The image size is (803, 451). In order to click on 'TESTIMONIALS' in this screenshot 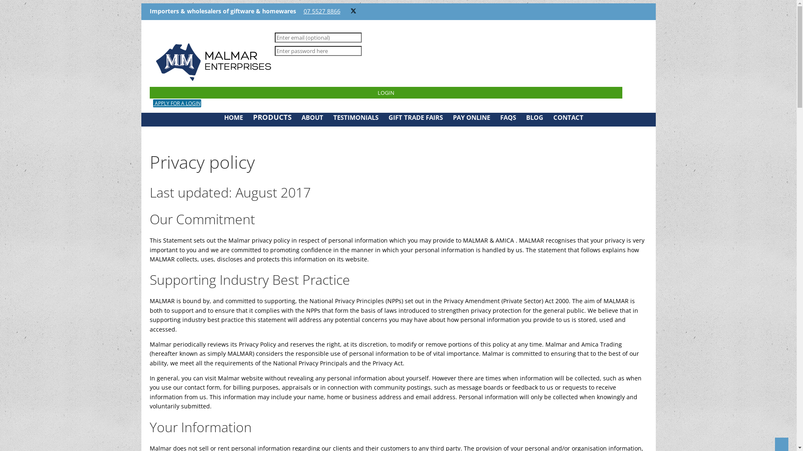, I will do `click(355, 117)`.